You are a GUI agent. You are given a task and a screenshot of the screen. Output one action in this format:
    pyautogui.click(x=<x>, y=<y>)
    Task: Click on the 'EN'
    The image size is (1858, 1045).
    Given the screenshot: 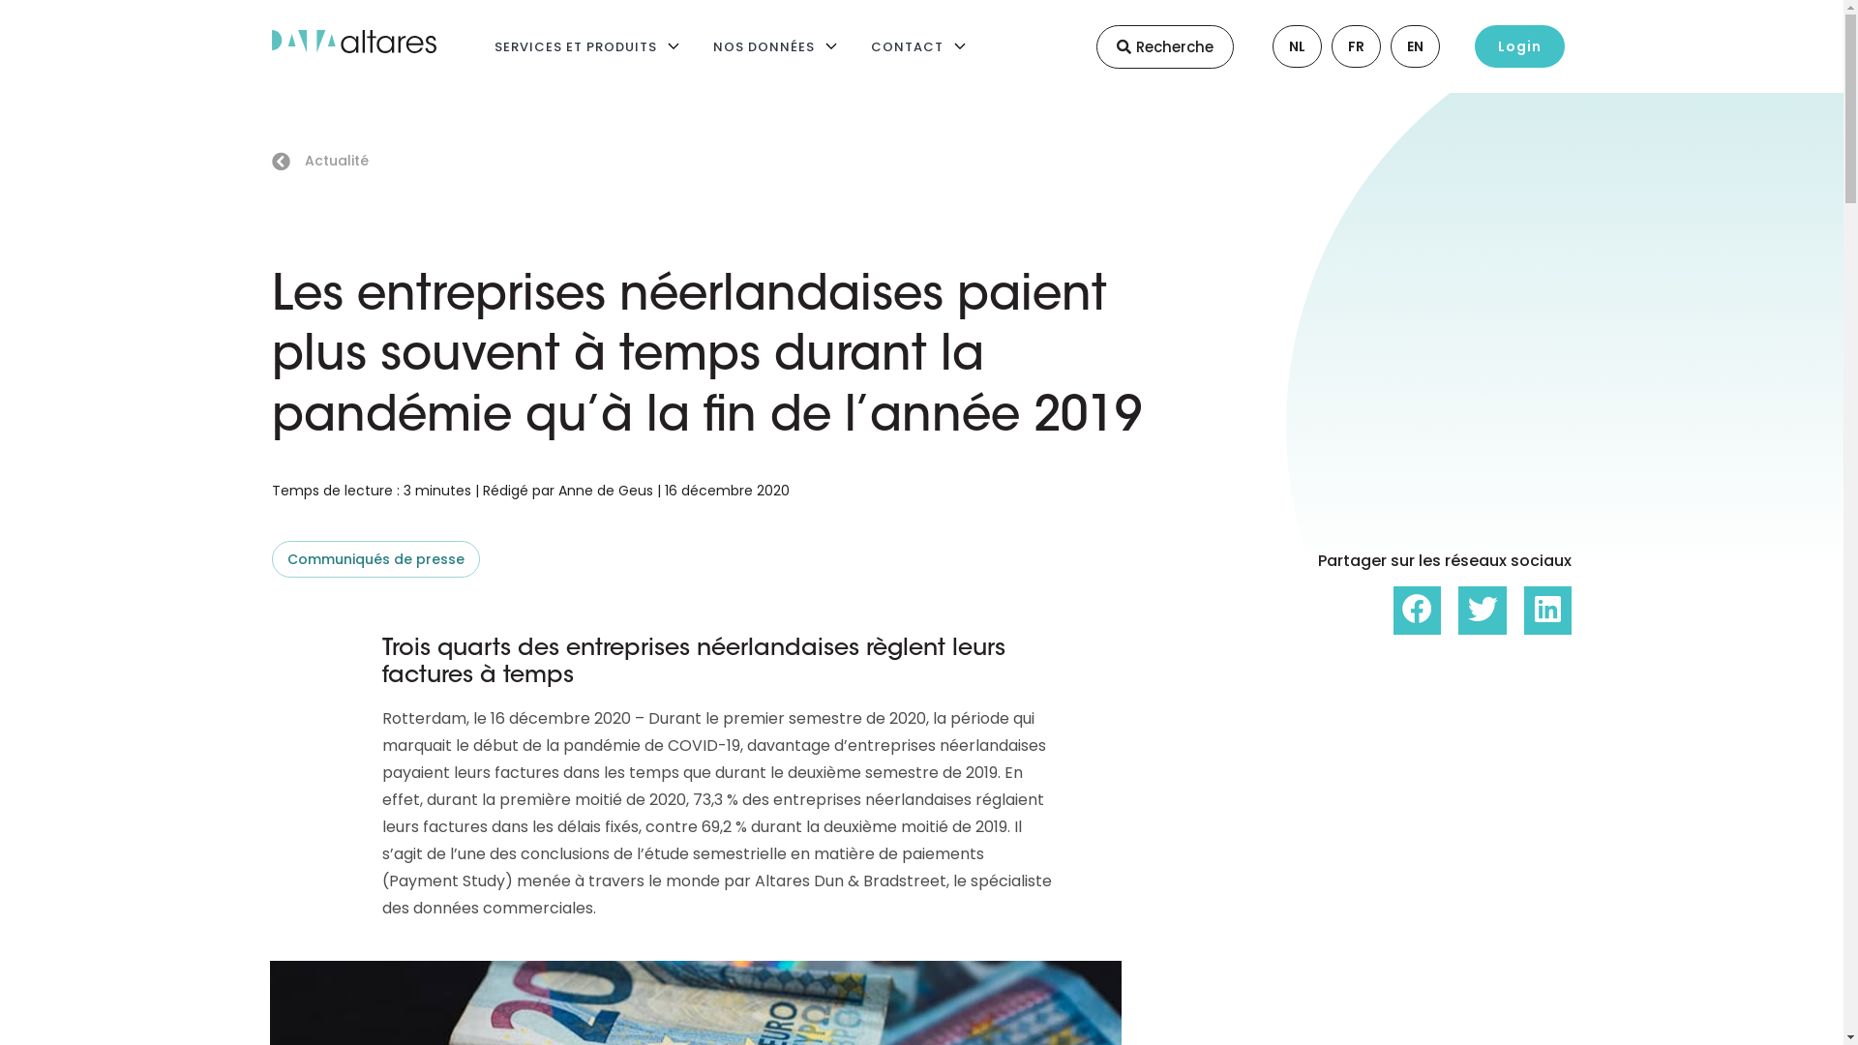 What is the action you would take?
    pyautogui.click(x=1399, y=45)
    